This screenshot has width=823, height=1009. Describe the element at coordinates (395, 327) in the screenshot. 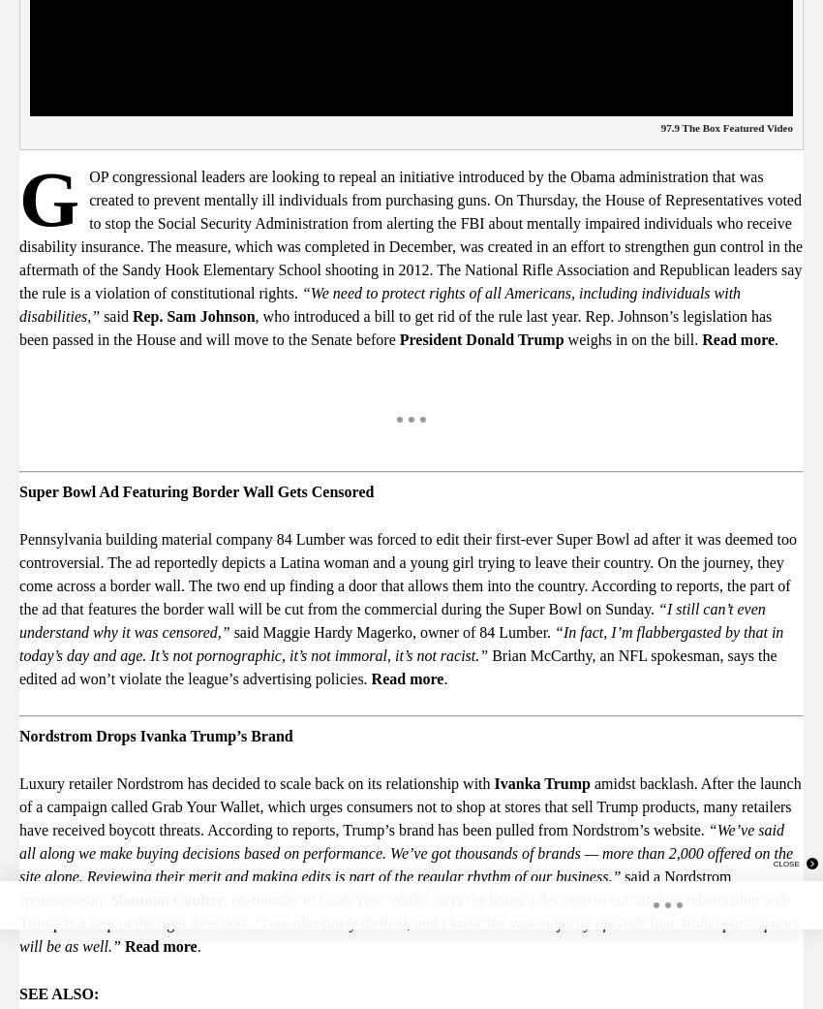

I see `', who introduced a bill to get rid of the rule last year. Rep. Johnson’s legislation has been passed in the House and will move to the Senate before'` at that location.